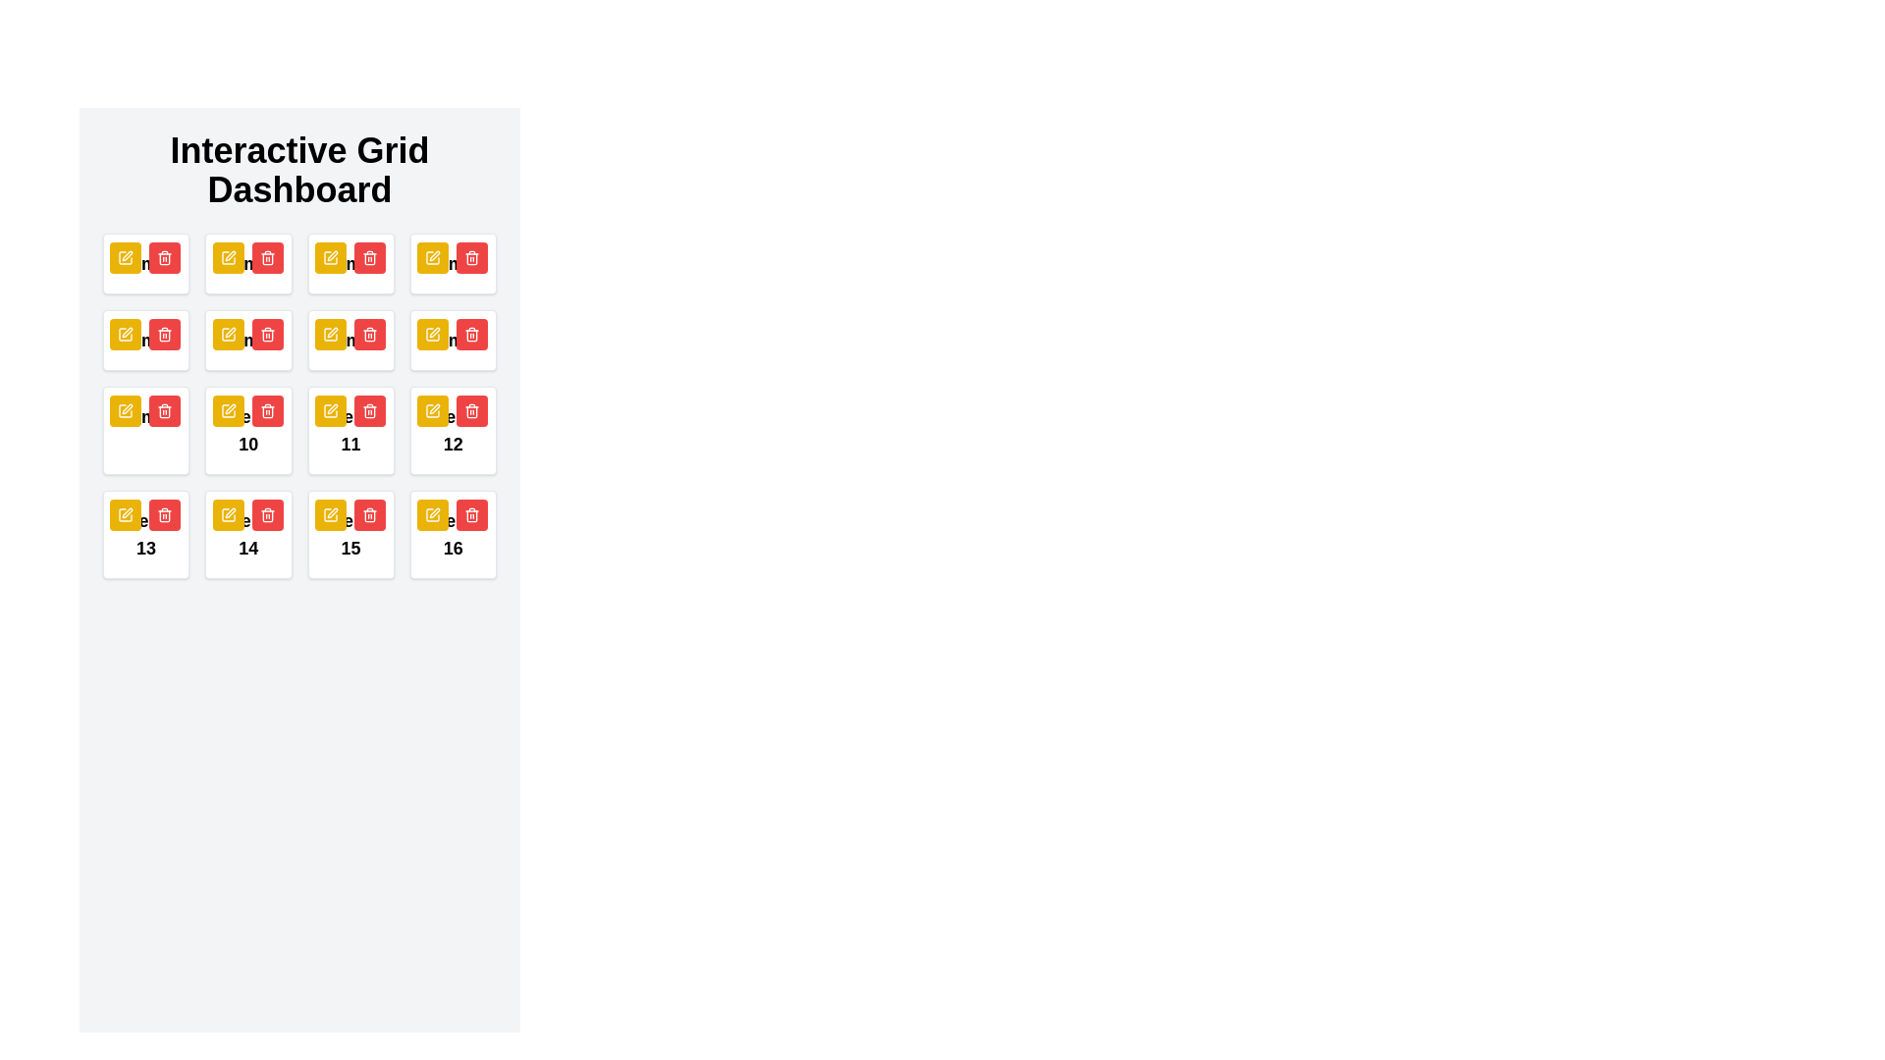 This screenshot has height=1060, width=1885. What do you see at coordinates (451, 333) in the screenshot?
I see `keyboard navigation` at bounding box center [451, 333].